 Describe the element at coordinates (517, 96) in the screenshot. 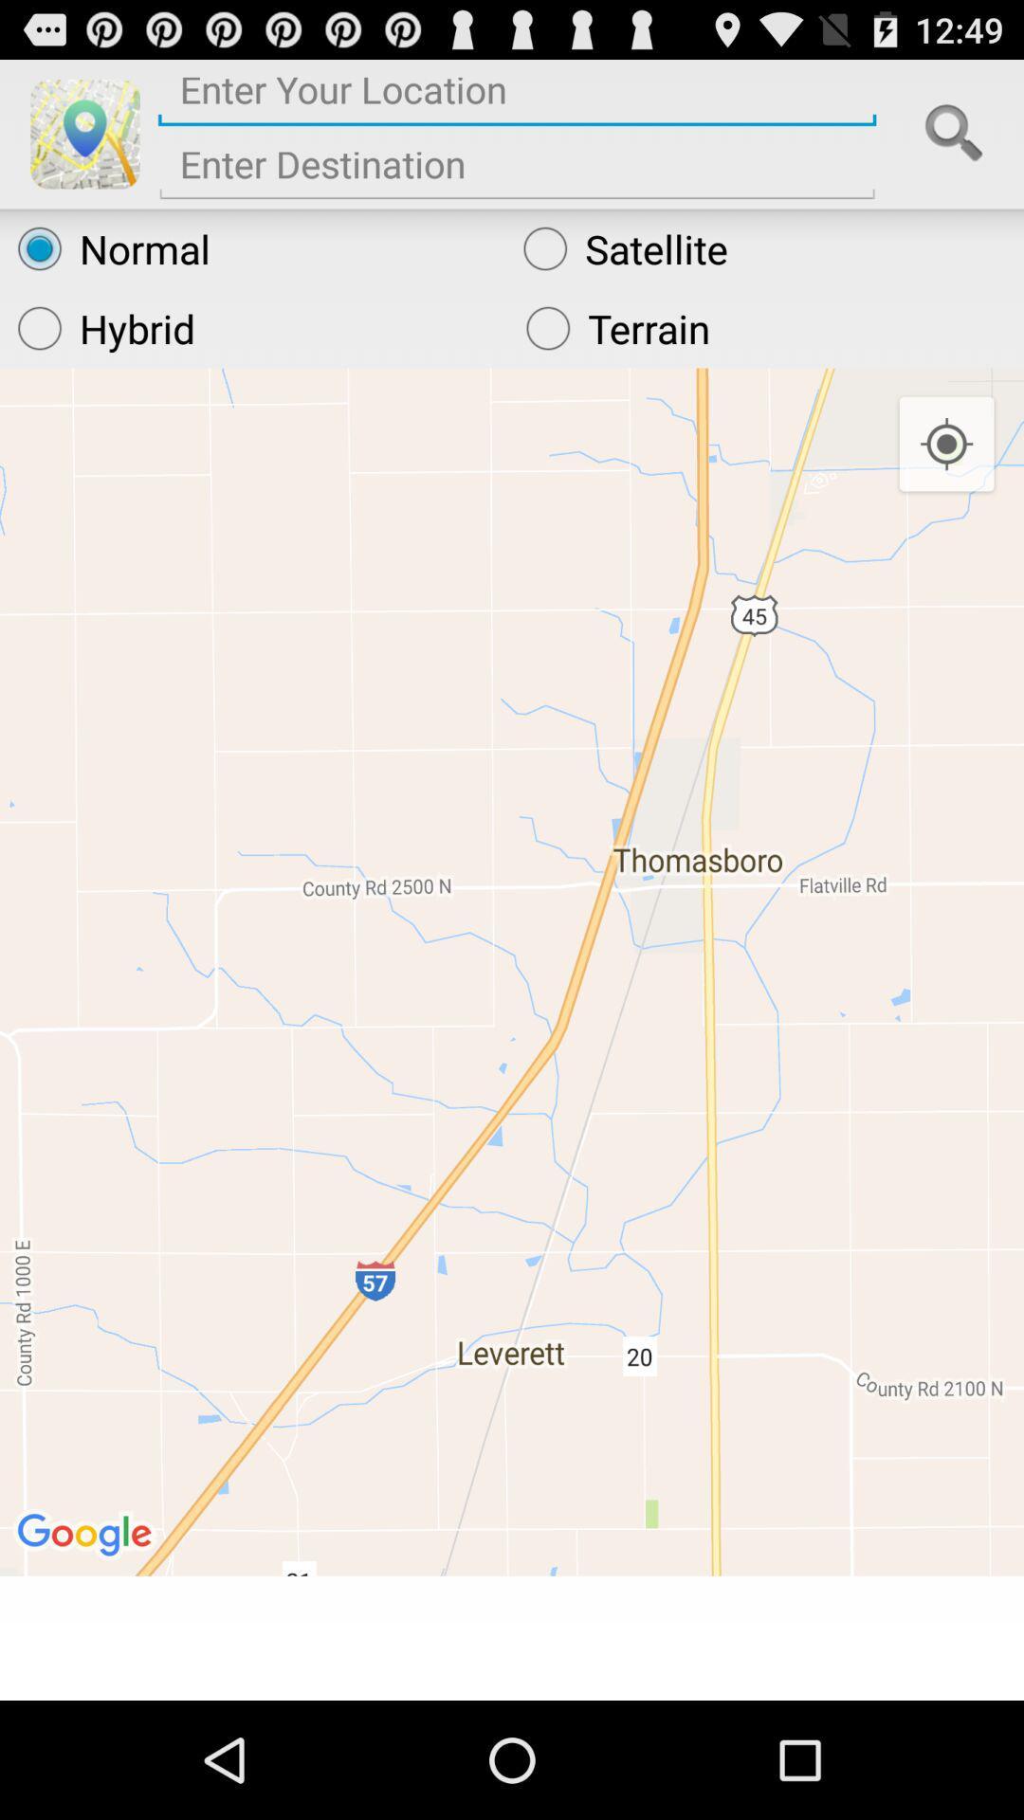

I see `location input field` at that location.